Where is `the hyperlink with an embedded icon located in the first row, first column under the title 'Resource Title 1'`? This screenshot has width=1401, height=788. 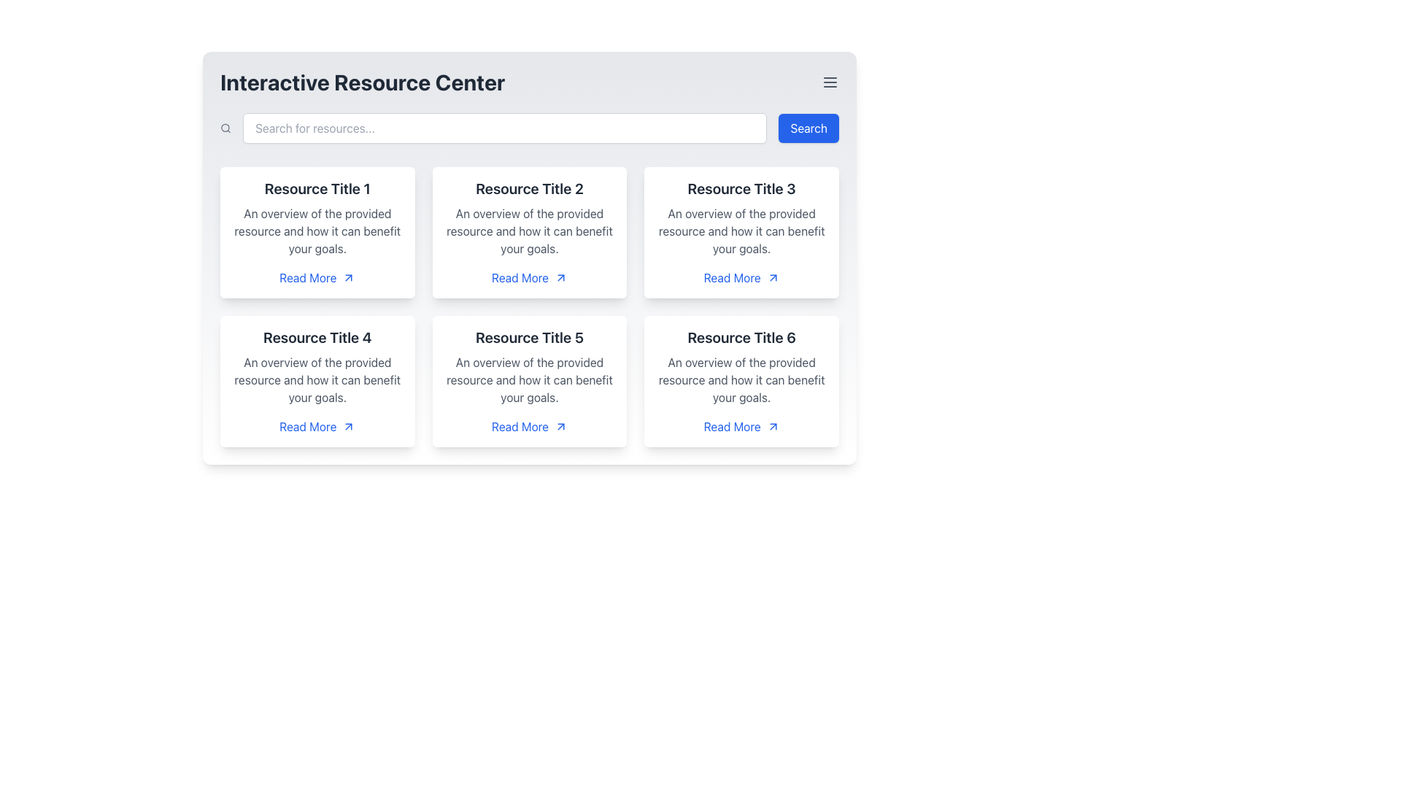 the hyperlink with an embedded icon located in the first row, first column under the title 'Resource Title 1' is located at coordinates (317, 278).